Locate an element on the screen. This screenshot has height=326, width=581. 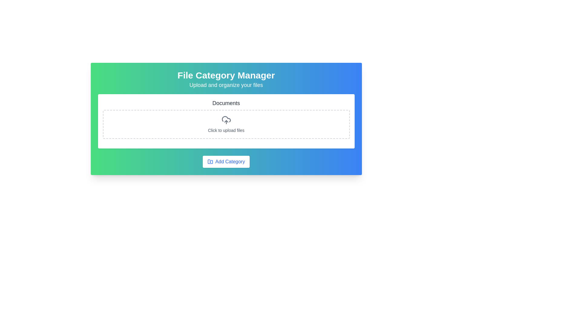
the icon inside the 'Add Category' button, which is used for adding or creating a new category is located at coordinates (210, 161).